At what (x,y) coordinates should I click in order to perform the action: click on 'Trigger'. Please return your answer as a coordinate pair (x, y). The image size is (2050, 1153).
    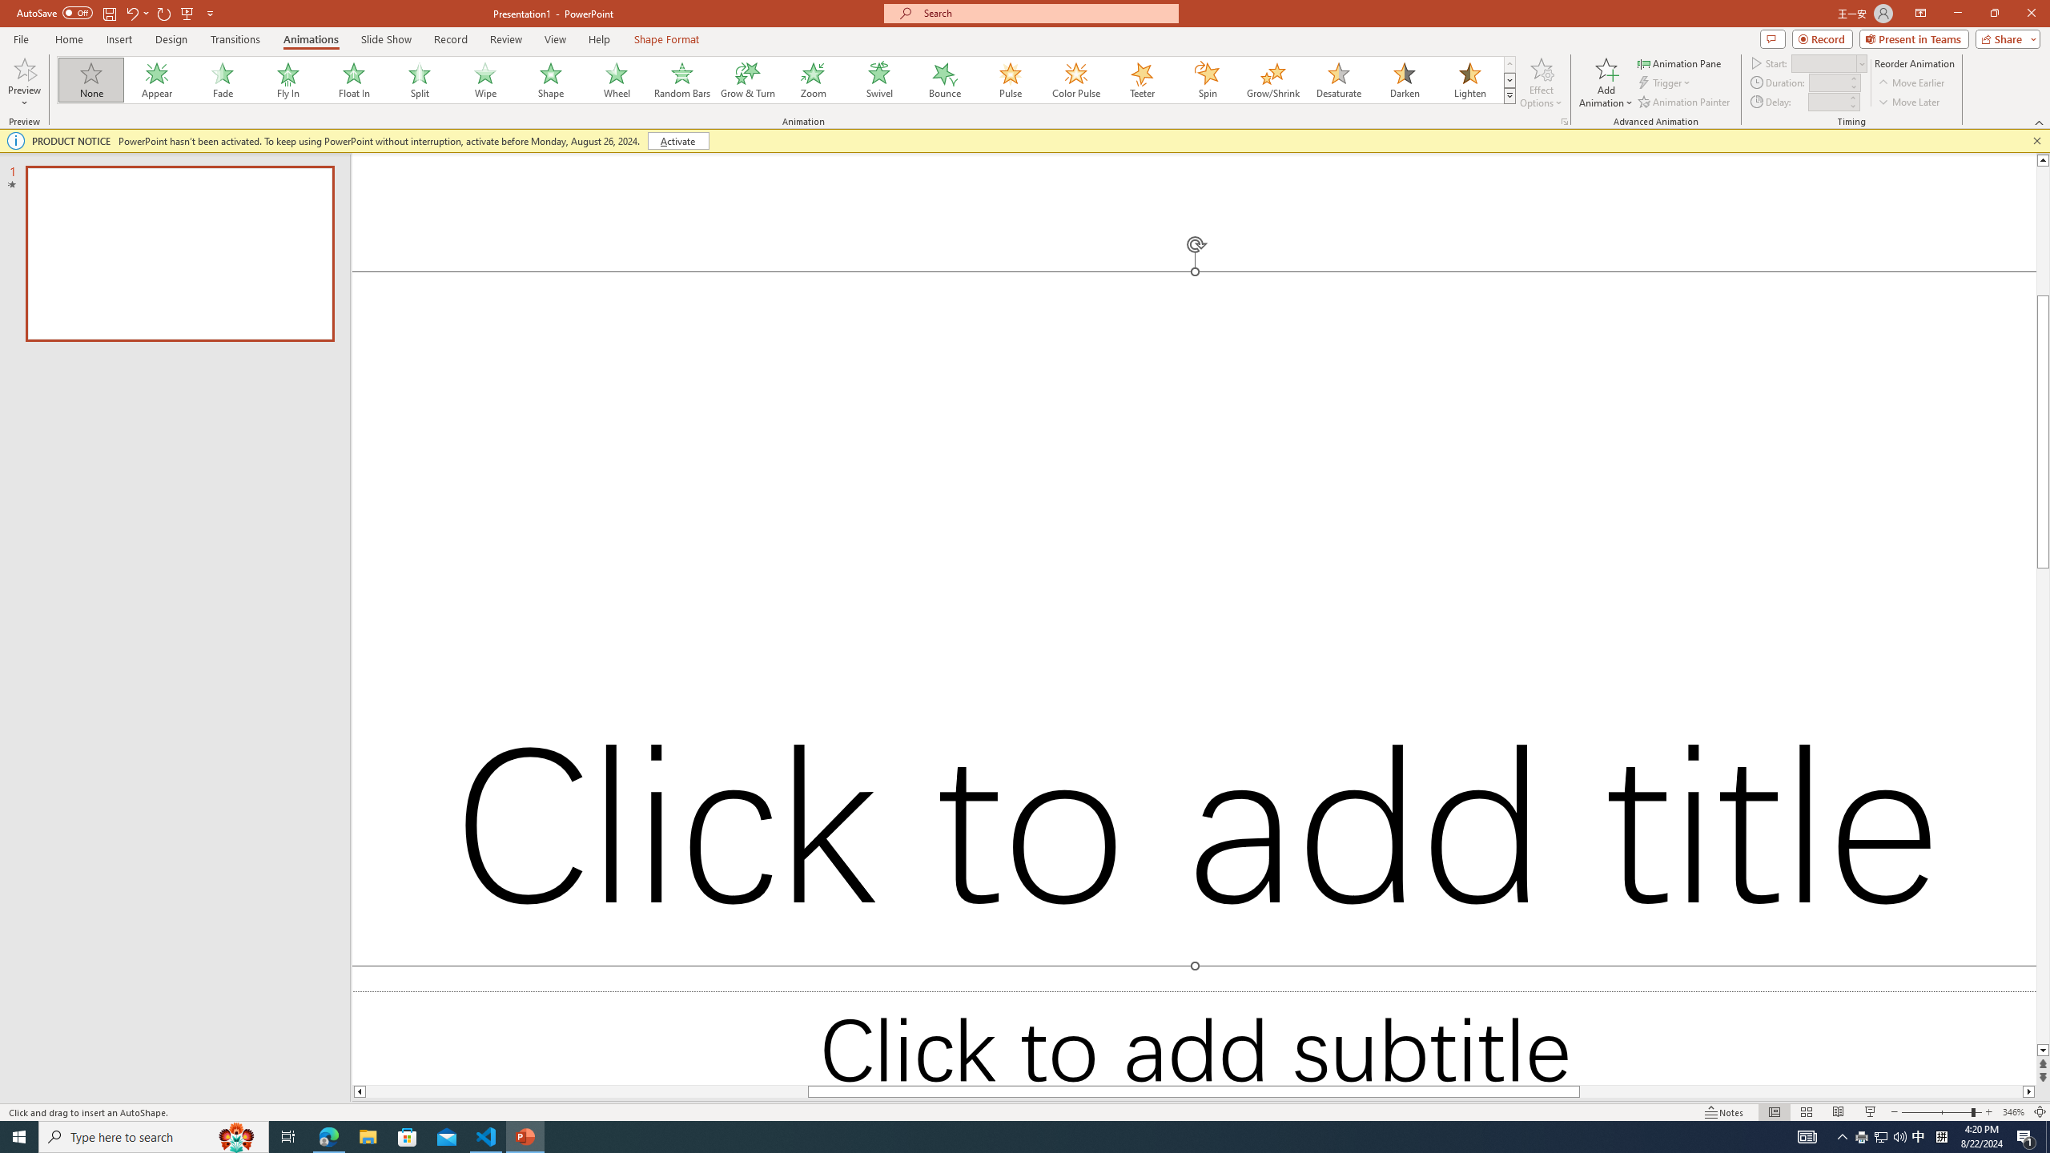
    Looking at the image, I should click on (1665, 82).